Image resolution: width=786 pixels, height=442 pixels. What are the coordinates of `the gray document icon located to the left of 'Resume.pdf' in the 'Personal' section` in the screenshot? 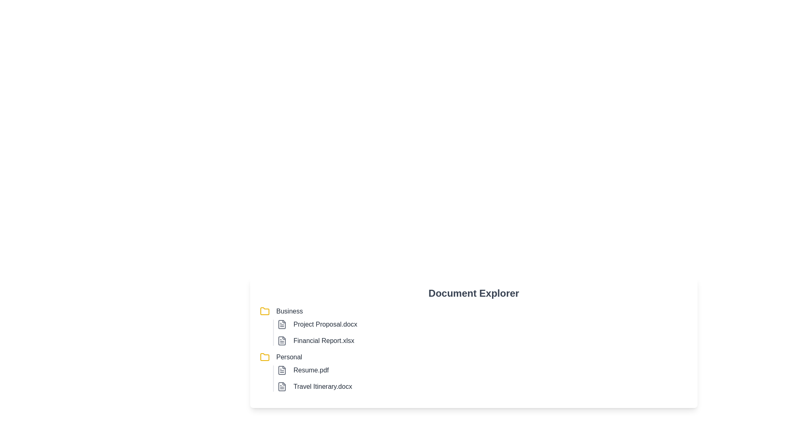 It's located at (282, 370).